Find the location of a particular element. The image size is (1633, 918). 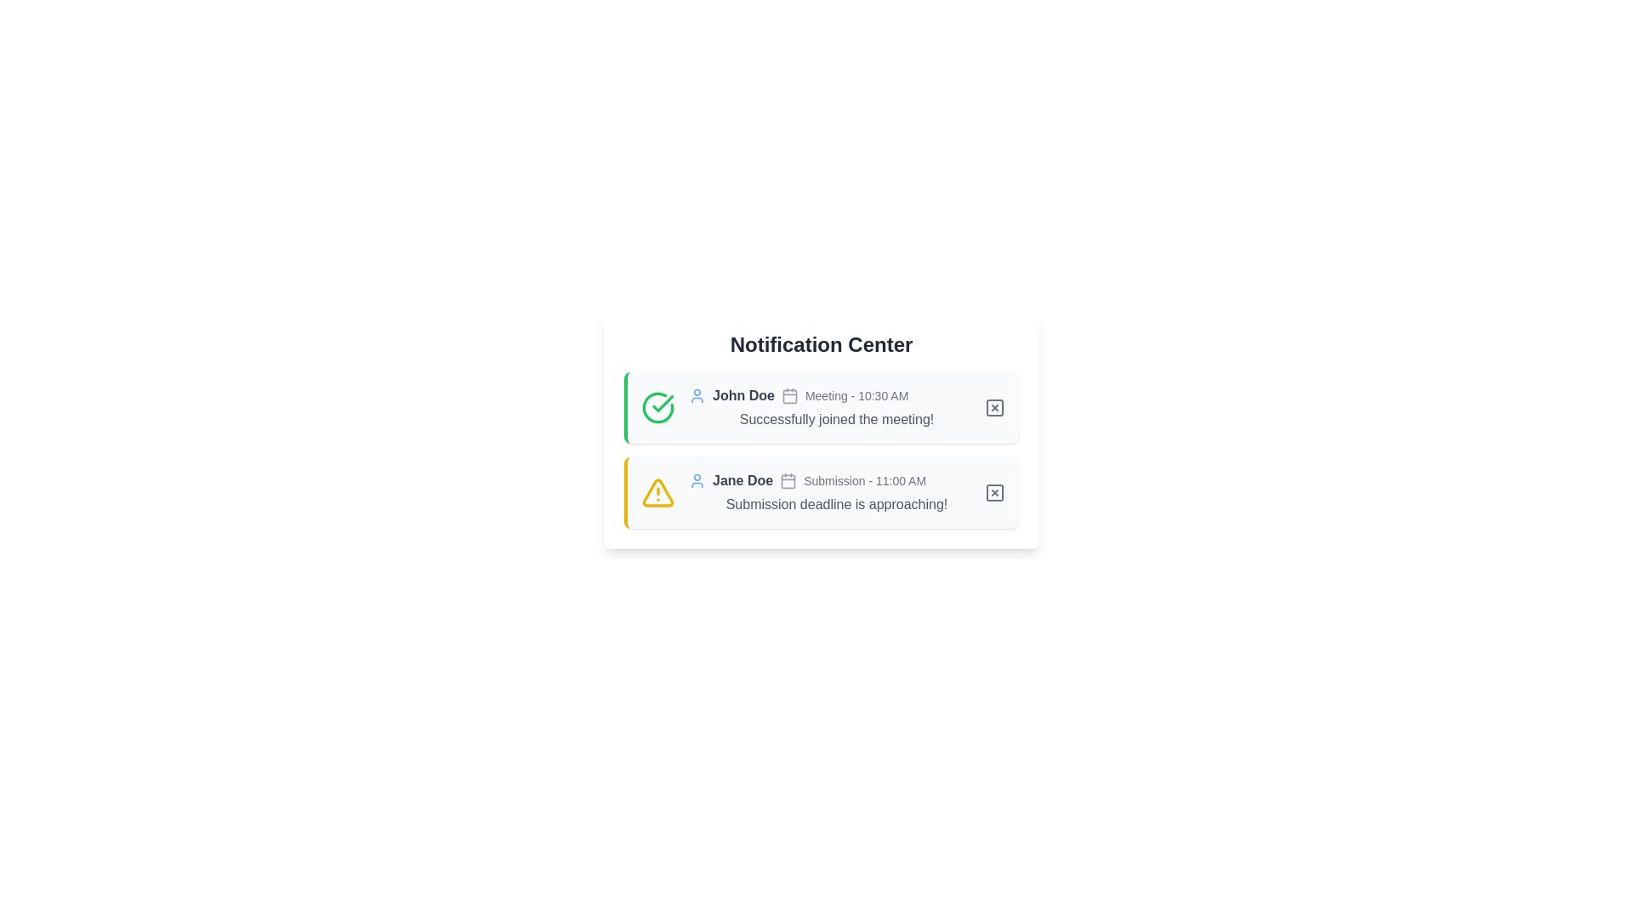

the calendar icon located to the left of the 'Submission - 11:00 AM' text is located at coordinates (787, 481).